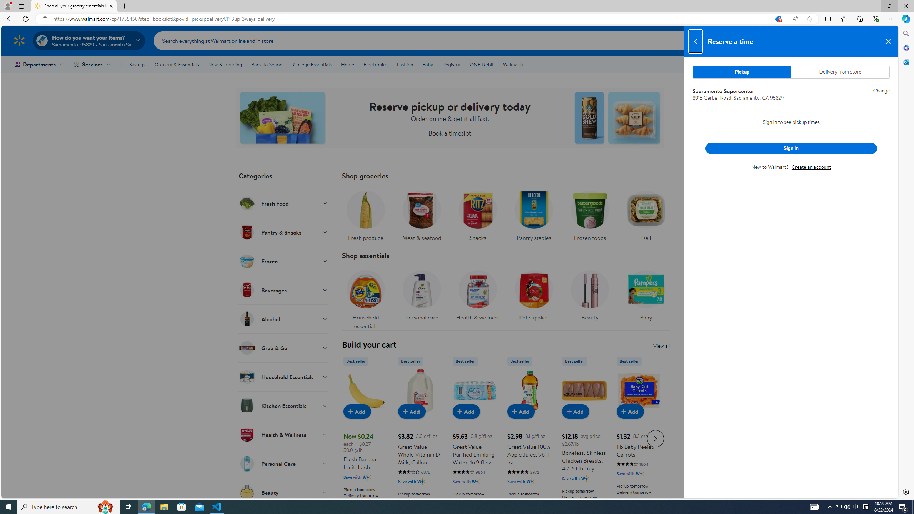 The image size is (914, 514). What do you see at coordinates (655, 438) in the screenshot?
I see `'Next slide for Product Carousel list'` at bounding box center [655, 438].